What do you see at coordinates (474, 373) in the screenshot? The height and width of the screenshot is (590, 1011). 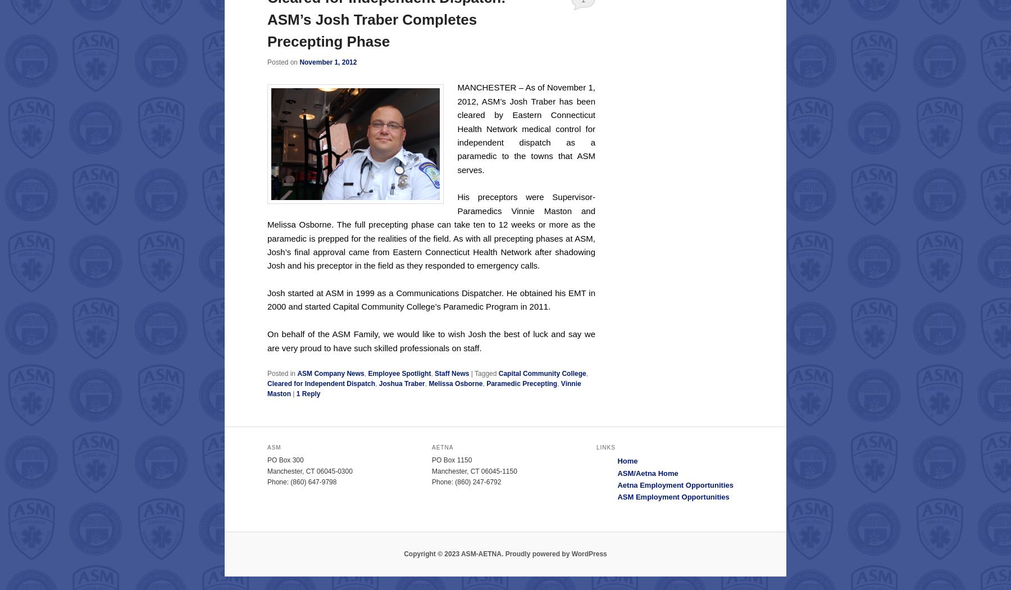 I see `'Tagged'` at bounding box center [474, 373].